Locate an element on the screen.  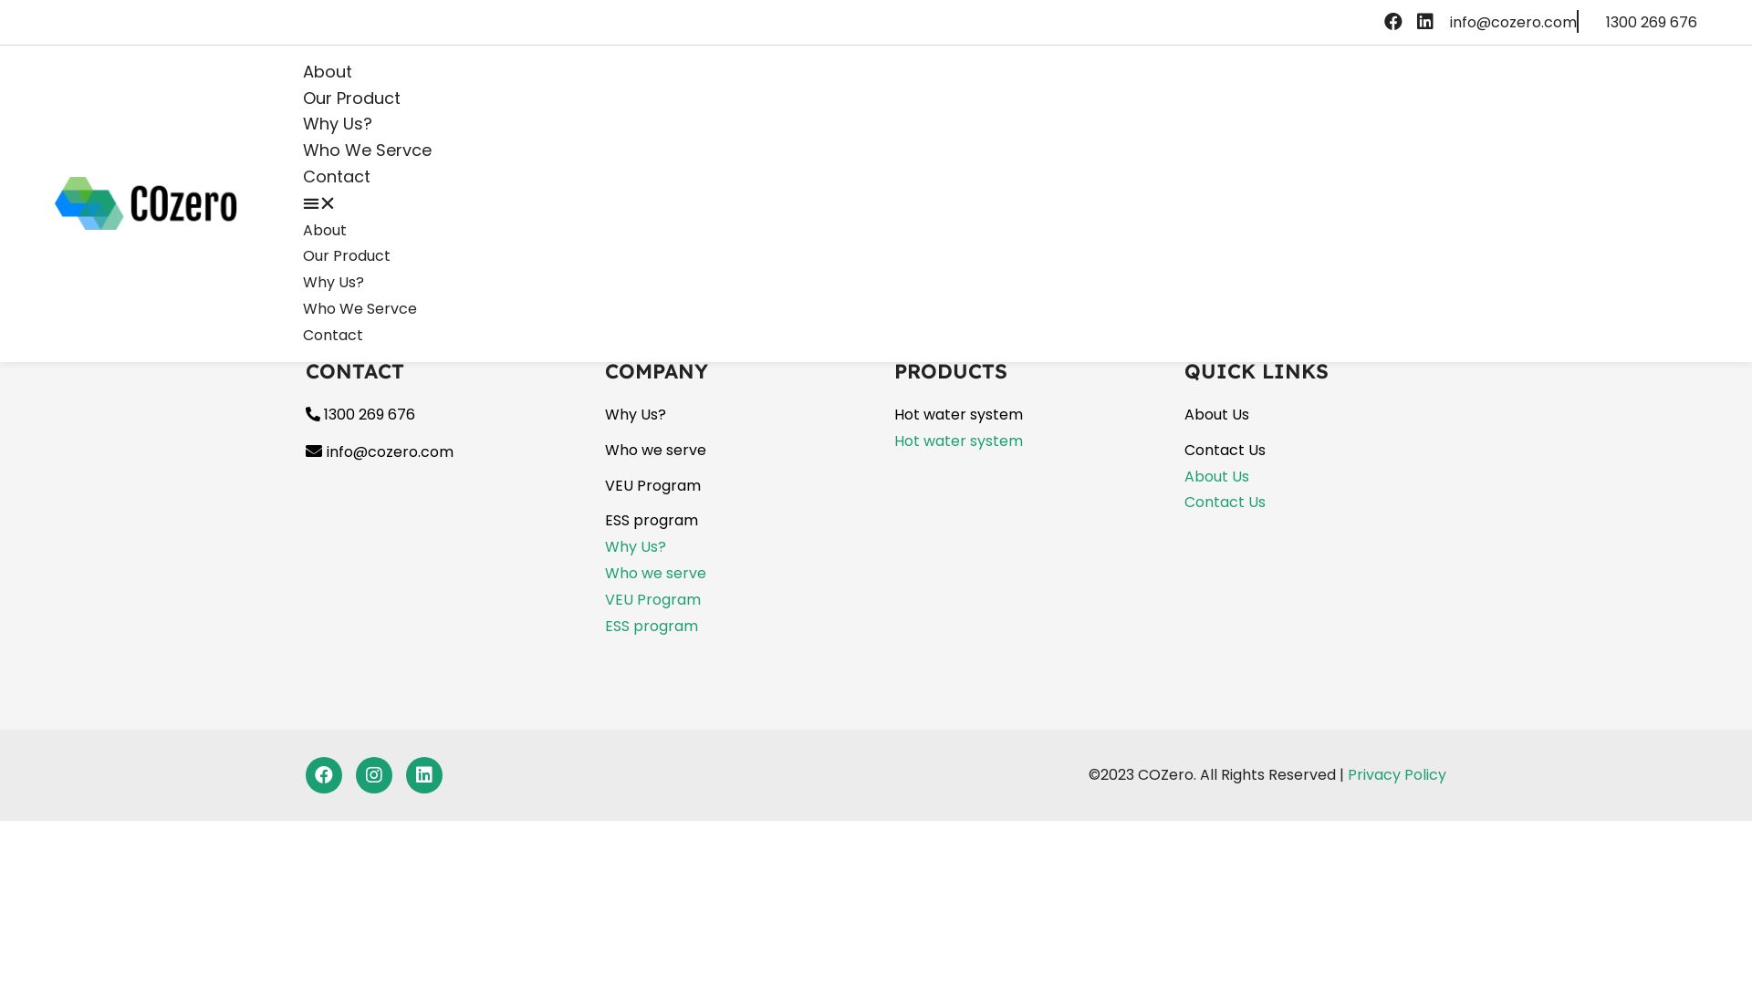
'About' is located at coordinates (324, 229).